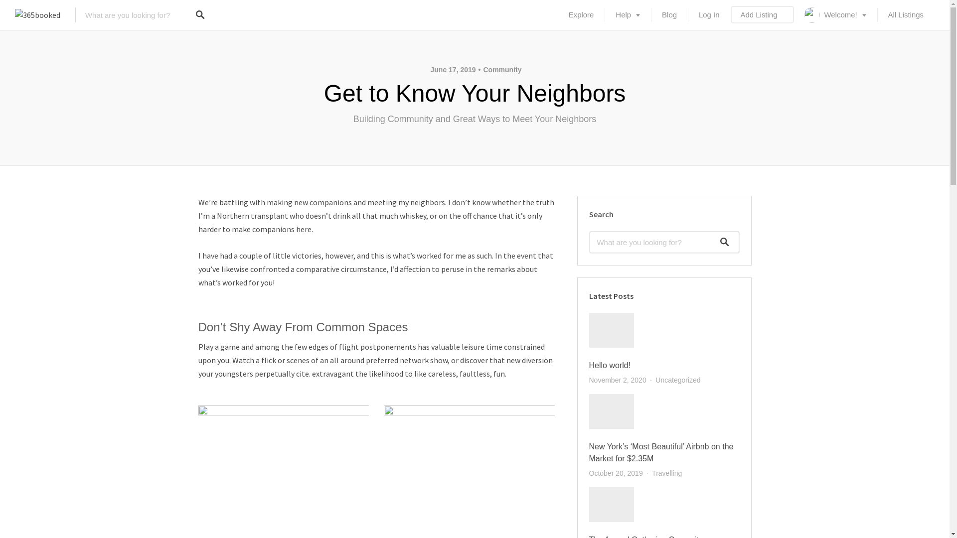  Describe the element at coordinates (877, 15) in the screenshot. I see `'All Listings'` at that location.